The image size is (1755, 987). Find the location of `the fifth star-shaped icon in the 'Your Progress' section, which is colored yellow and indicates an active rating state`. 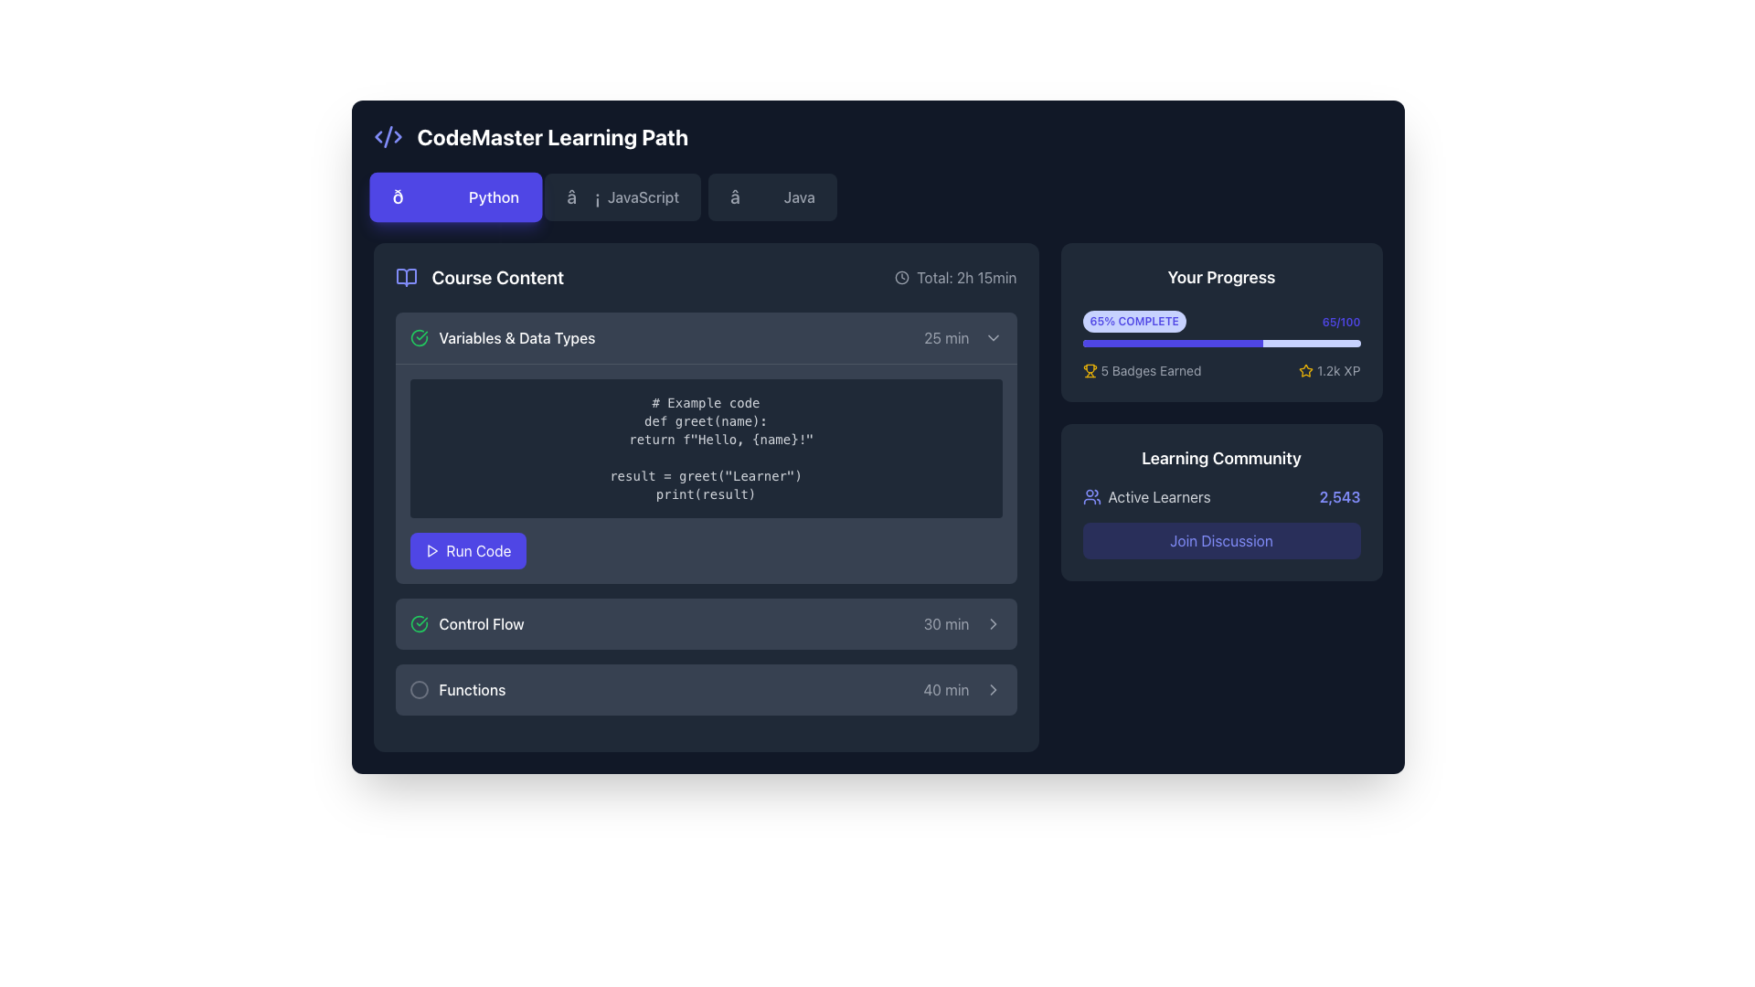

the fifth star-shaped icon in the 'Your Progress' section, which is colored yellow and indicates an active rating state is located at coordinates (1305, 370).